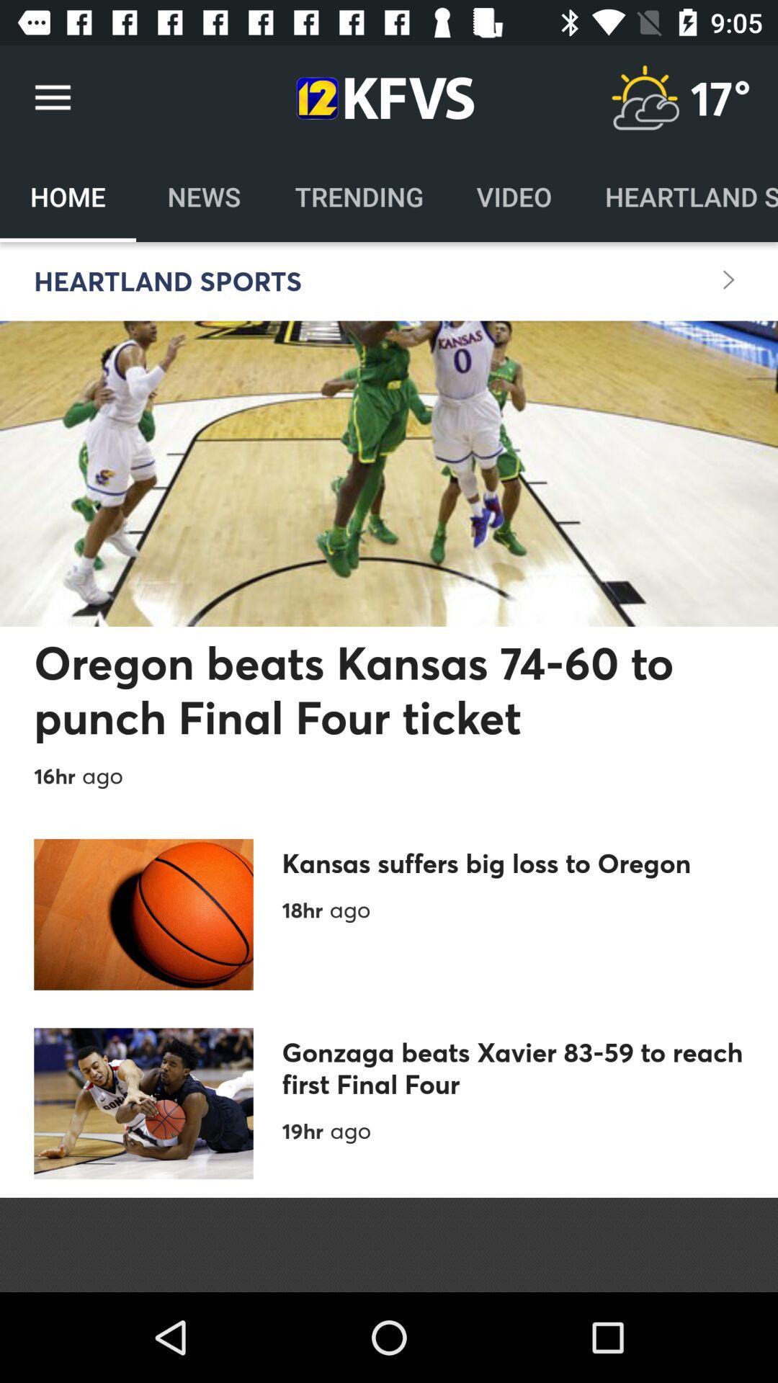 The width and height of the screenshot is (778, 1383). Describe the element at coordinates (644, 97) in the screenshot. I see `weather option` at that location.